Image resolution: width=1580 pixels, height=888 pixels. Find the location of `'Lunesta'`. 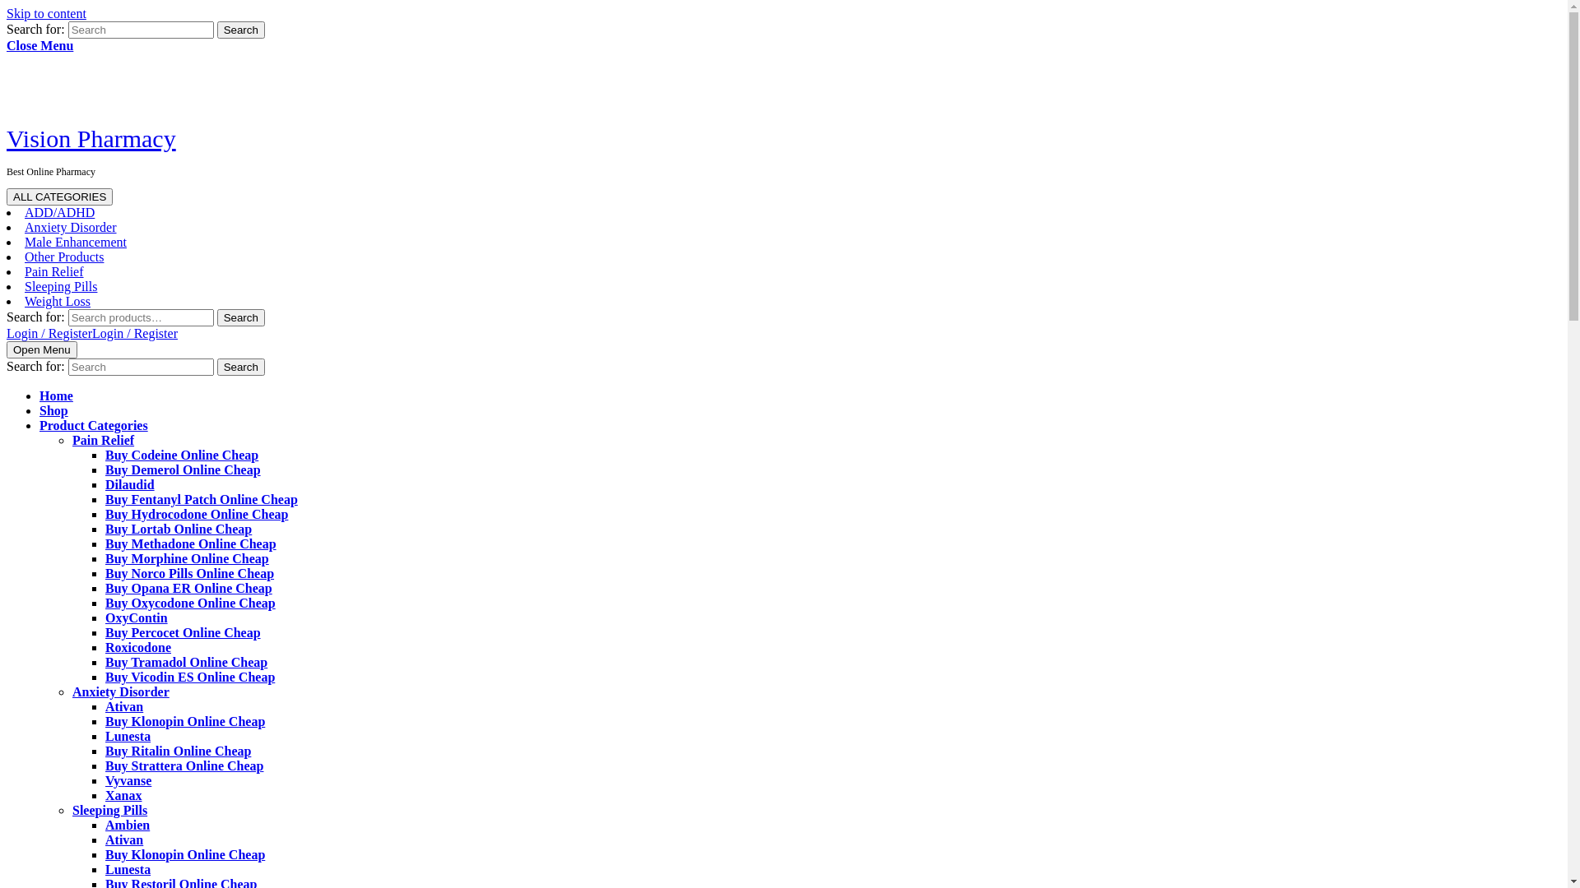

'Lunesta' is located at coordinates (127, 868).